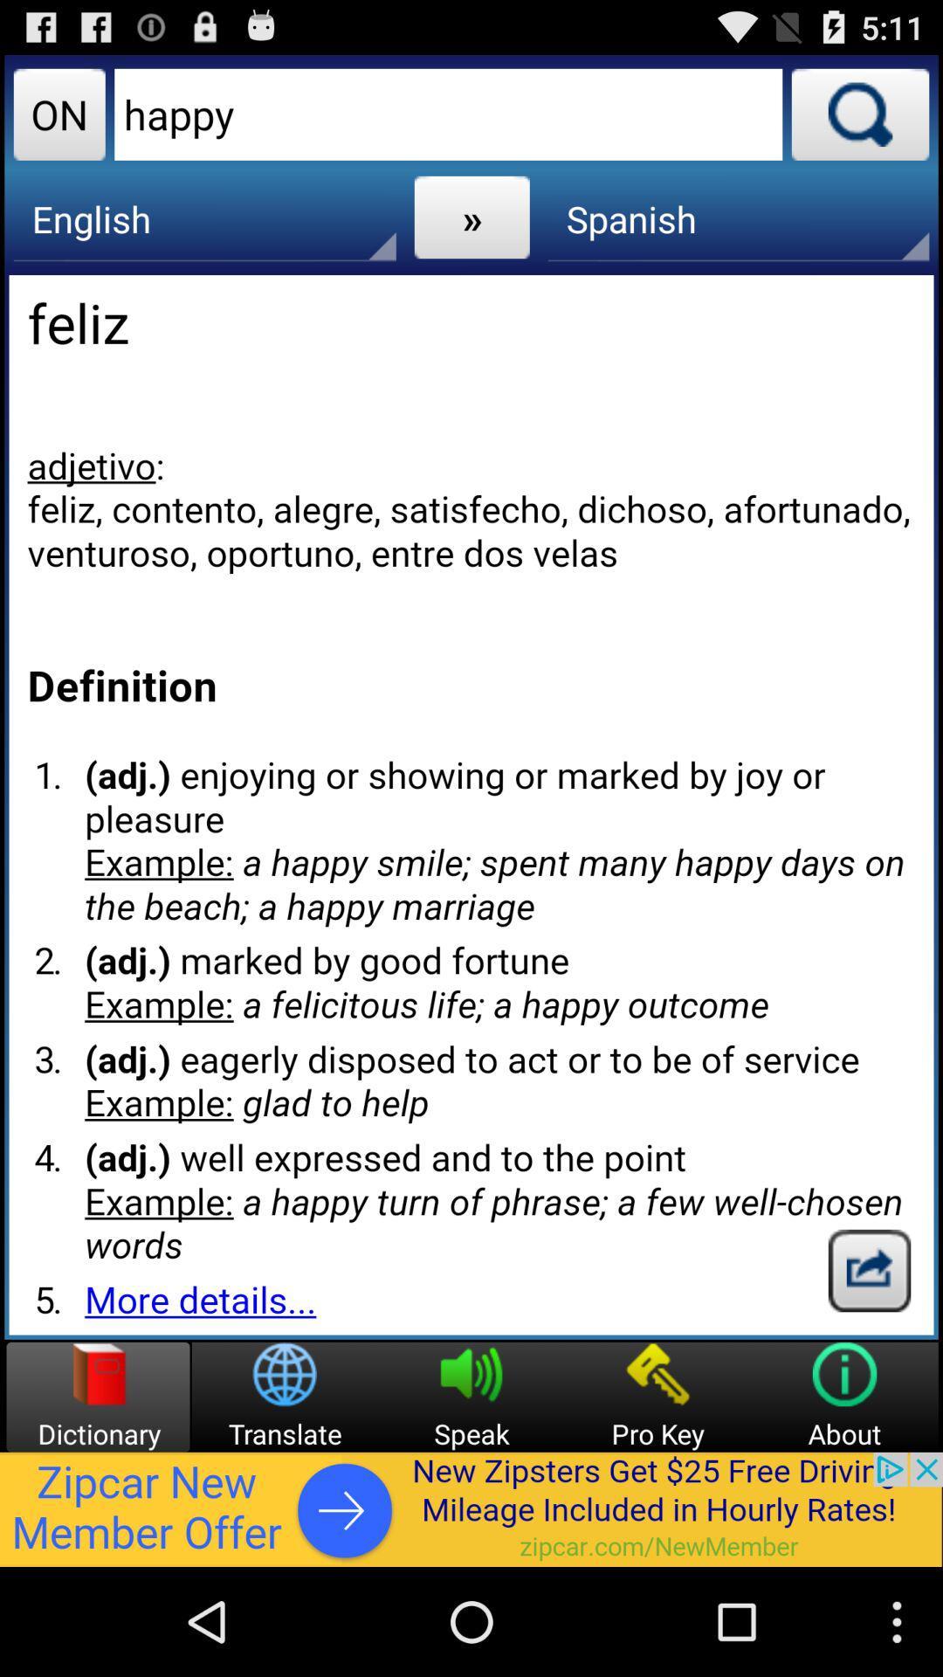 Image resolution: width=943 pixels, height=1677 pixels. What do you see at coordinates (471, 1508) in the screenshot?
I see `the adversitement` at bounding box center [471, 1508].